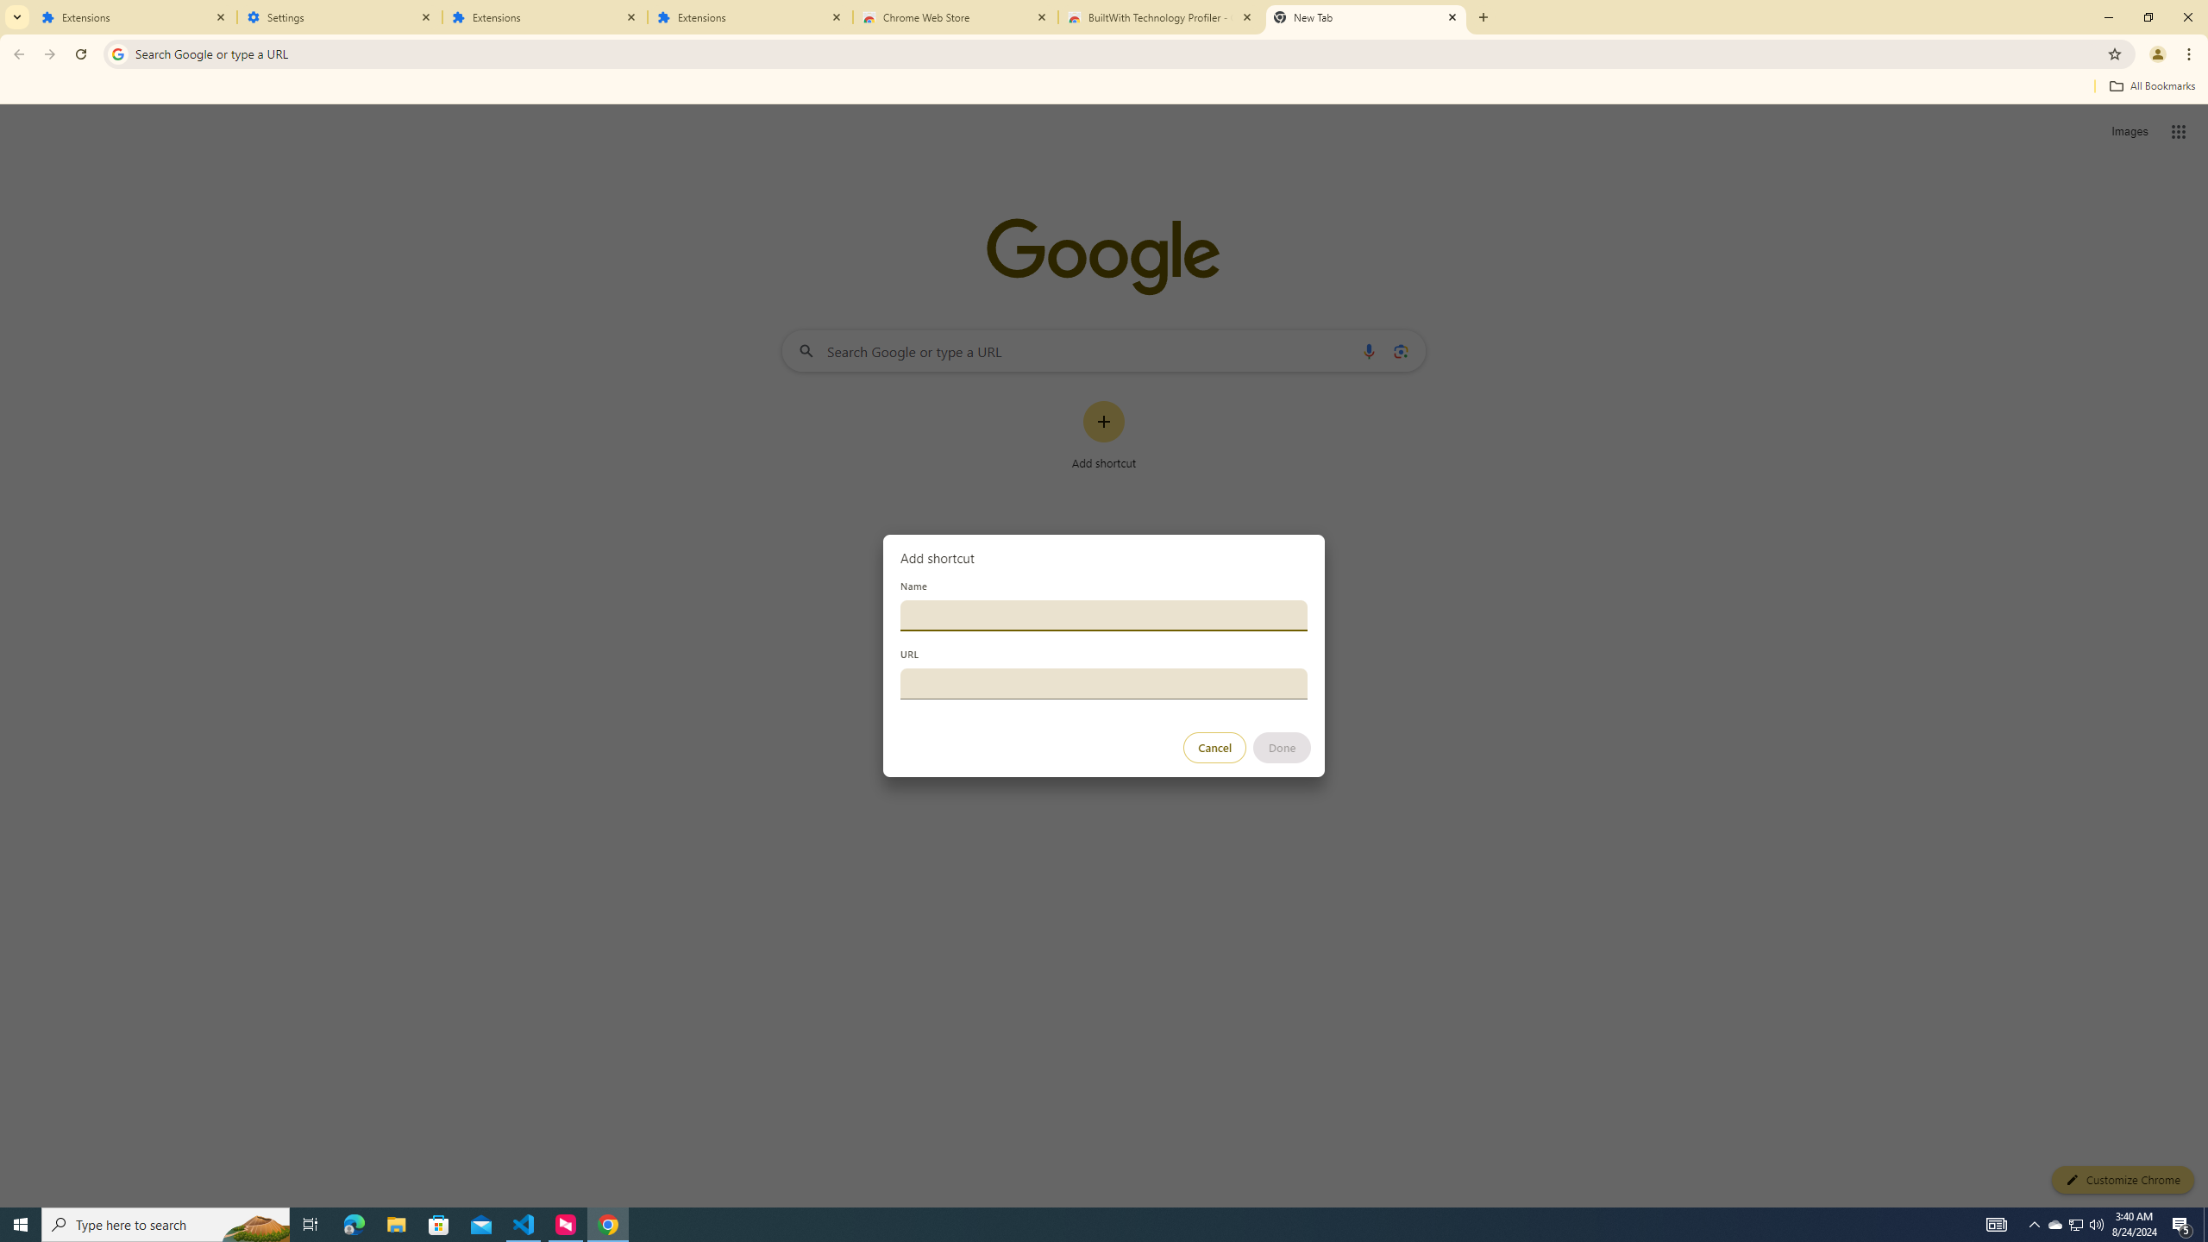  Describe the element at coordinates (1283, 747) in the screenshot. I see `'Done'` at that location.